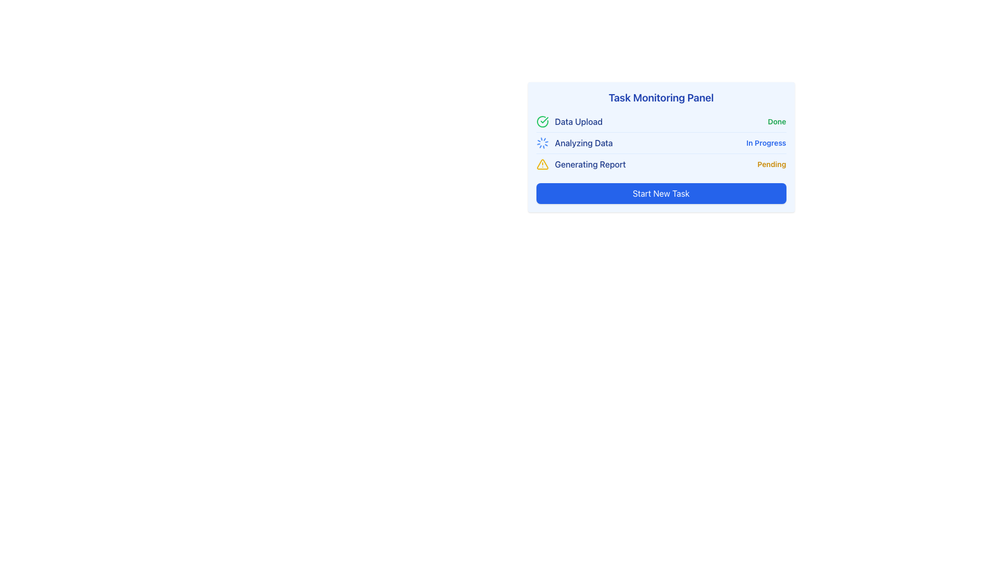 This screenshot has width=1000, height=562. I want to click on the Animated Icon indicating task progress located to the left of the 'Analyzing Data' text in the task monitoring panel, so click(542, 143).